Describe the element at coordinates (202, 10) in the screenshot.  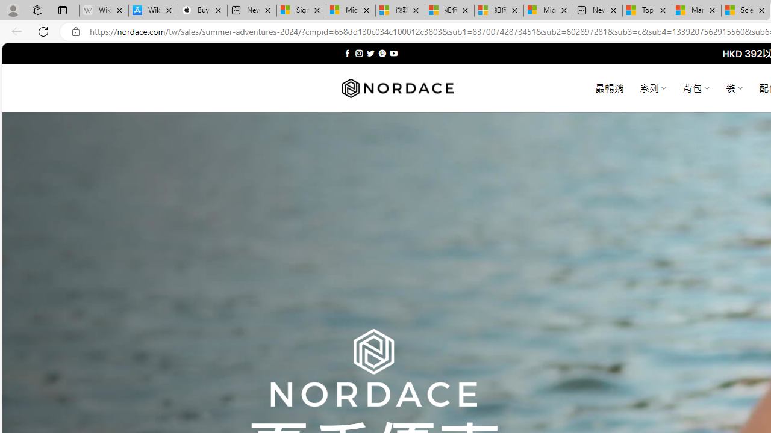
I see `'Buy iPad - Apple'` at that location.